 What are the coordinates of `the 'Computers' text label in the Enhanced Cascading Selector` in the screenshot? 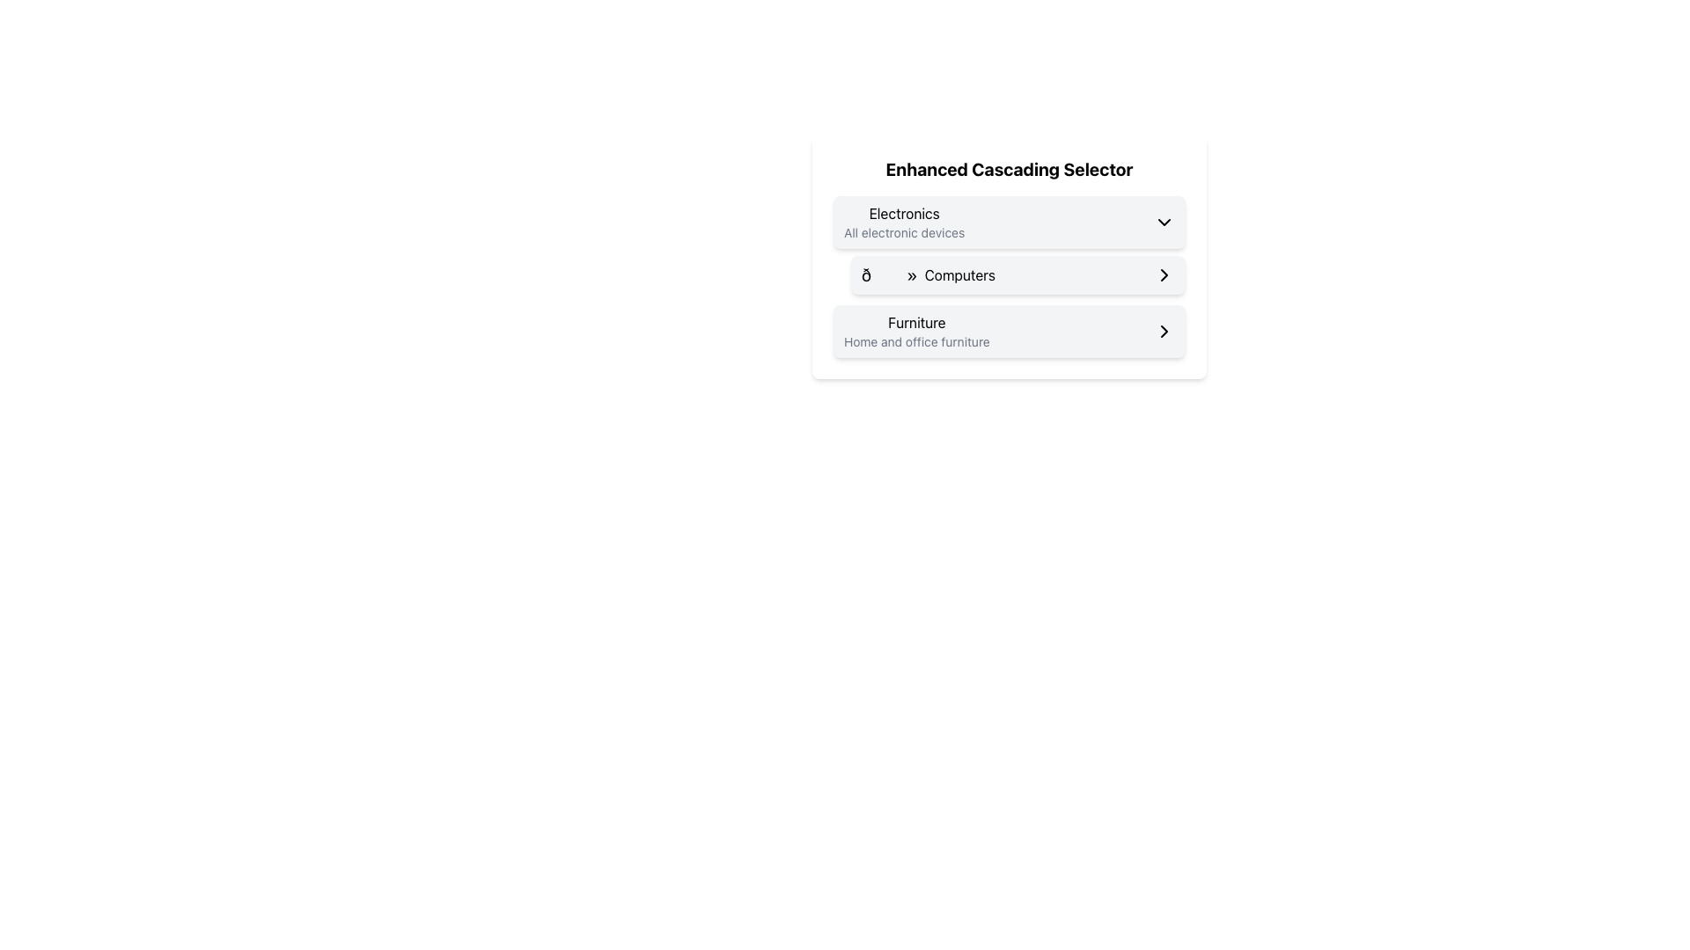 It's located at (959, 274).